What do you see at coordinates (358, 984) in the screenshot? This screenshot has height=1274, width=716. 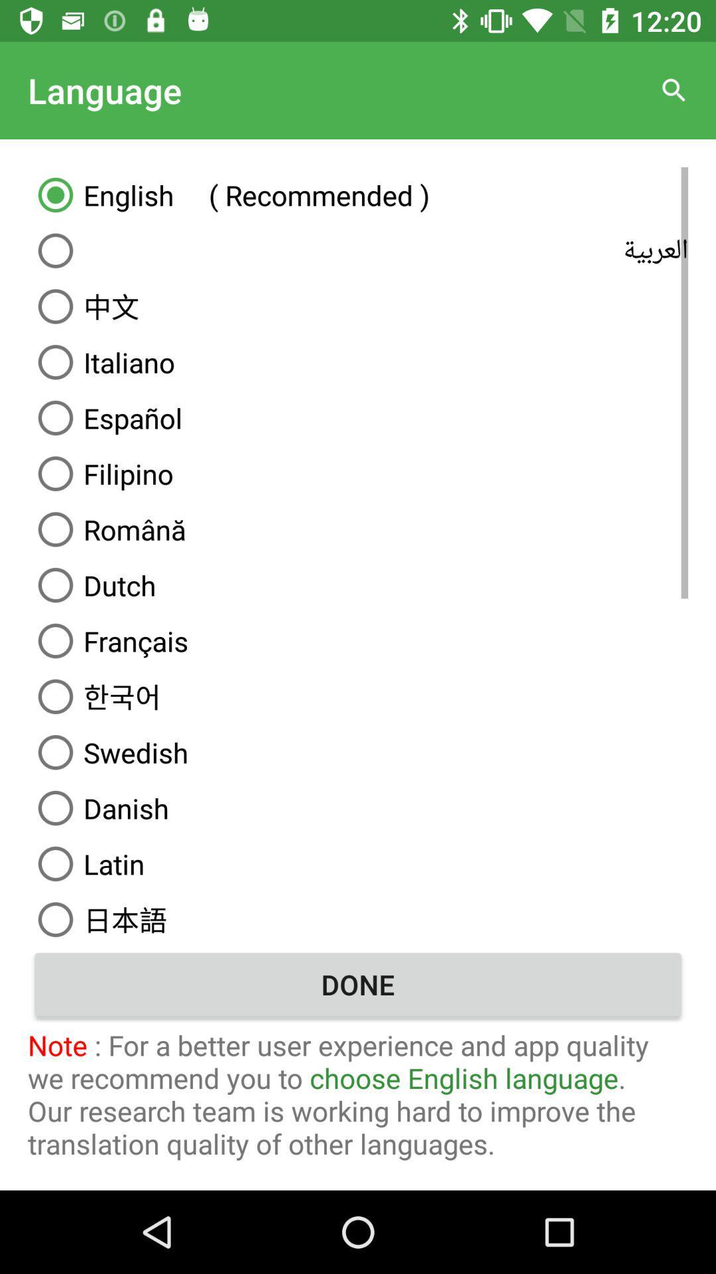 I see `done icon` at bounding box center [358, 984].